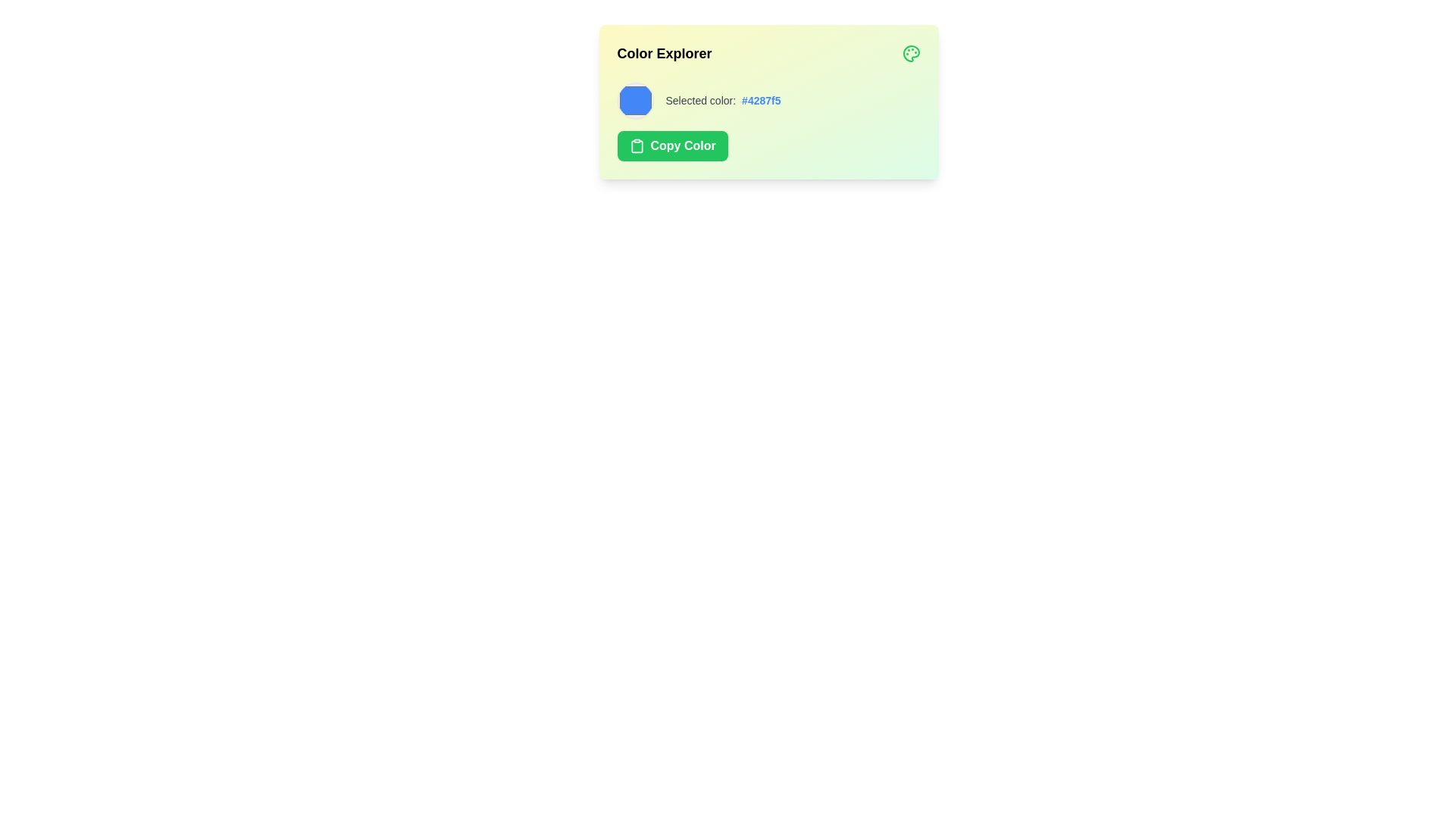 This screenshot has height=818, width=1455. Describe the element at coordinates (722, 100) in the screenshot. I see `the text label displaying 'Selected color: #4287f5' which shows the color value in blue, positioned to the right of the circular color preview element and above the 'Copy Color' button` at that location.